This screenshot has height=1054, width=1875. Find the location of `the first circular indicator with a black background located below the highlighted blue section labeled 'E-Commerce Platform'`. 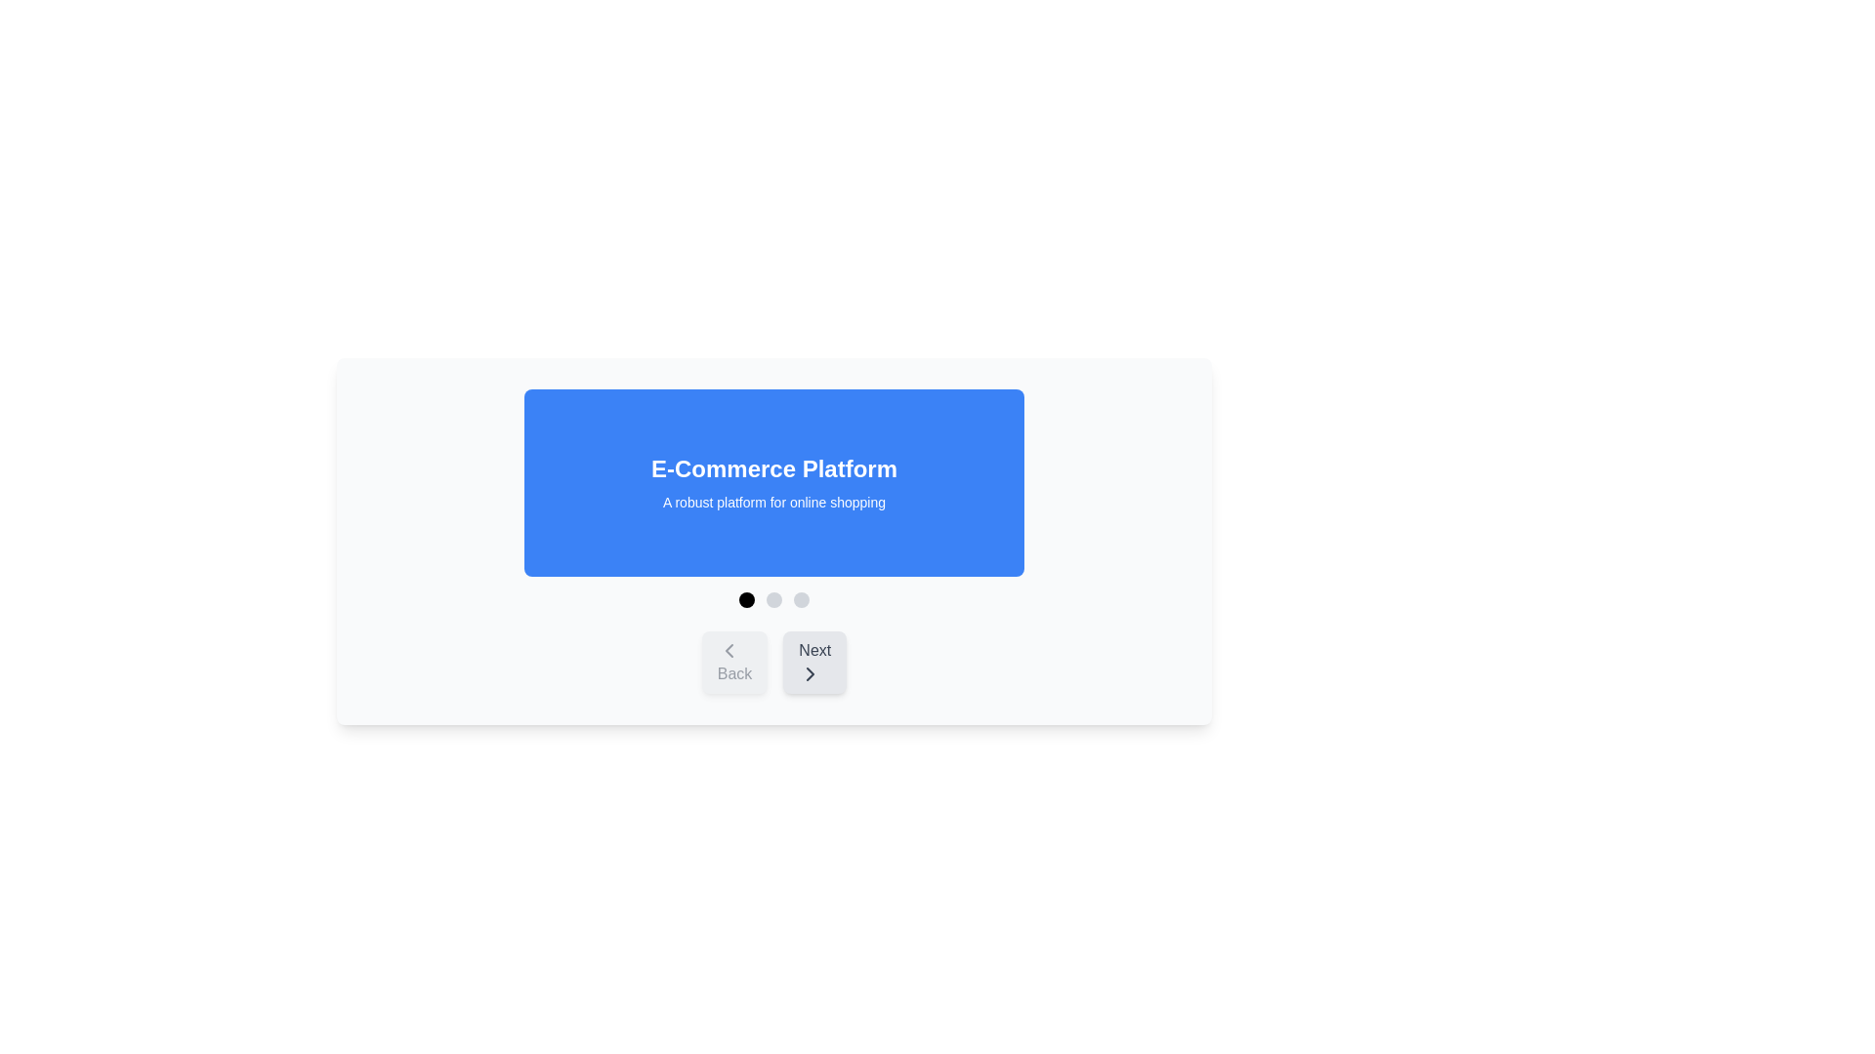

the first circular indicator with a black background located below the highlighted blue section labeled 'E-Commerce Platform' is located at coordinates (745, 598).